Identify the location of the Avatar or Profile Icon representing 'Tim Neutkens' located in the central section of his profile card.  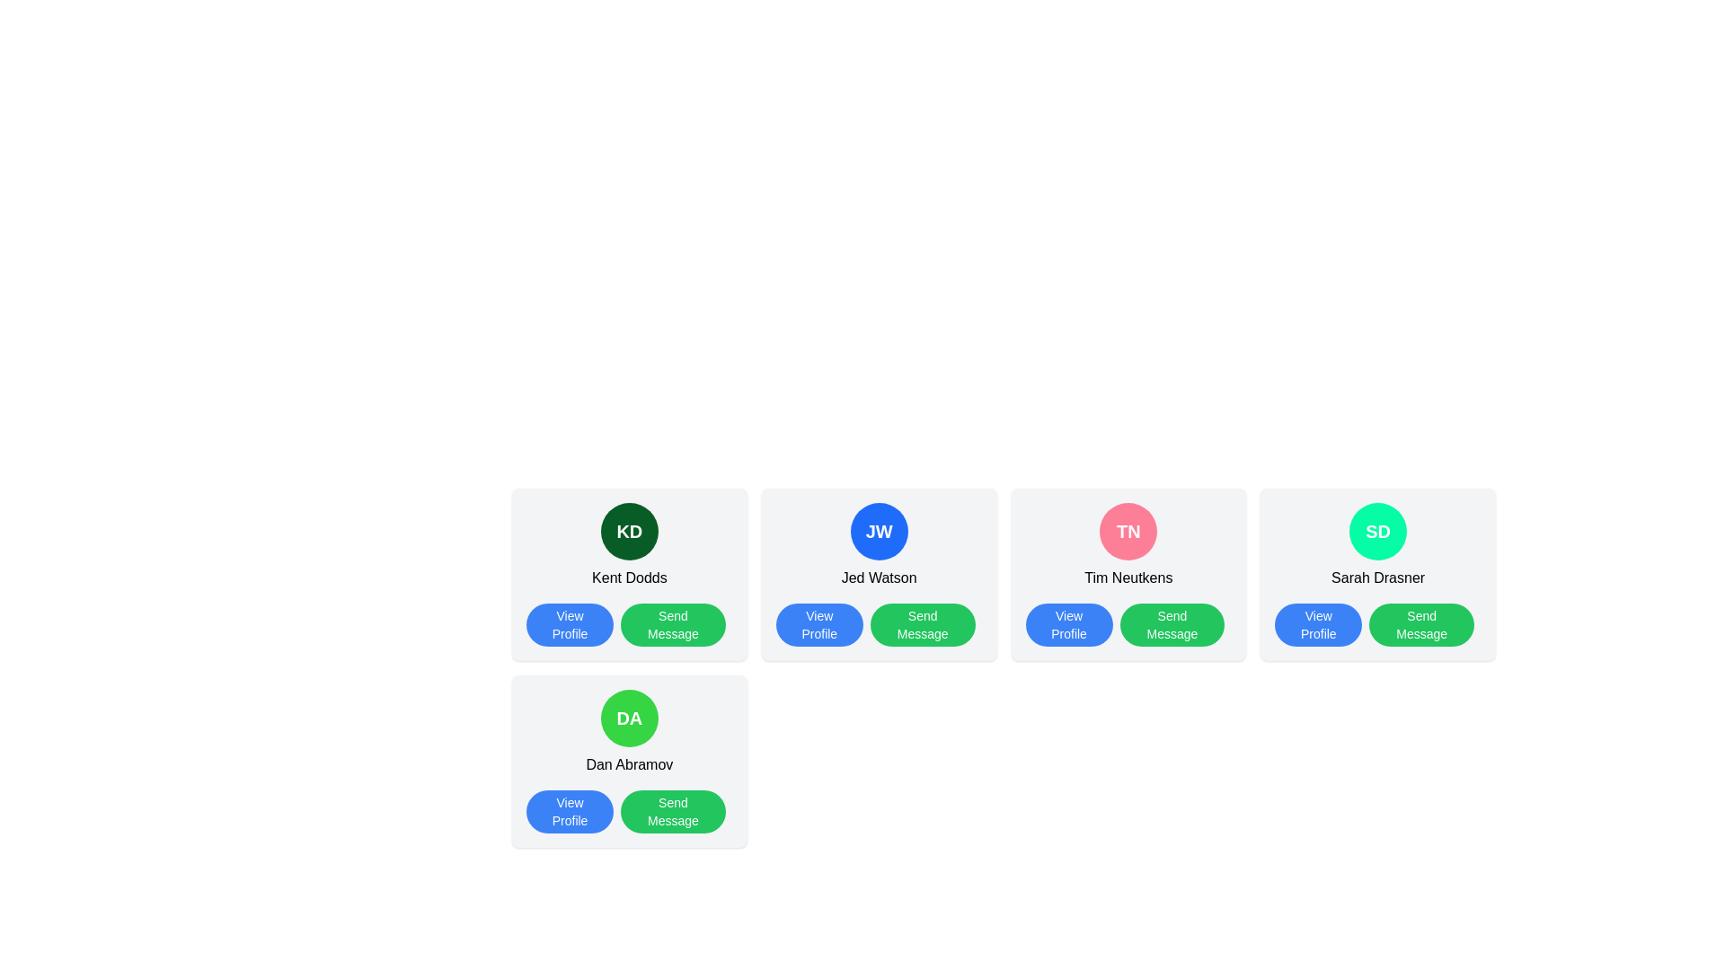
(1128, 530).